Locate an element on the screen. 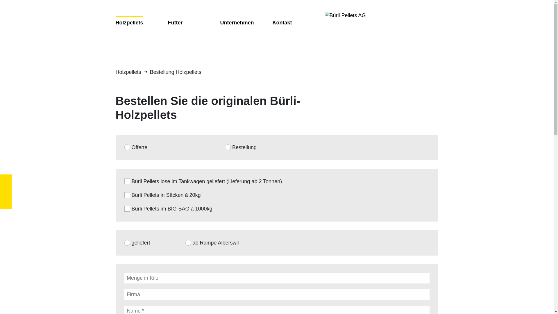 This screenshot has height=314, width=558. 'Holzpellets' is located at coordinates (129, 22).